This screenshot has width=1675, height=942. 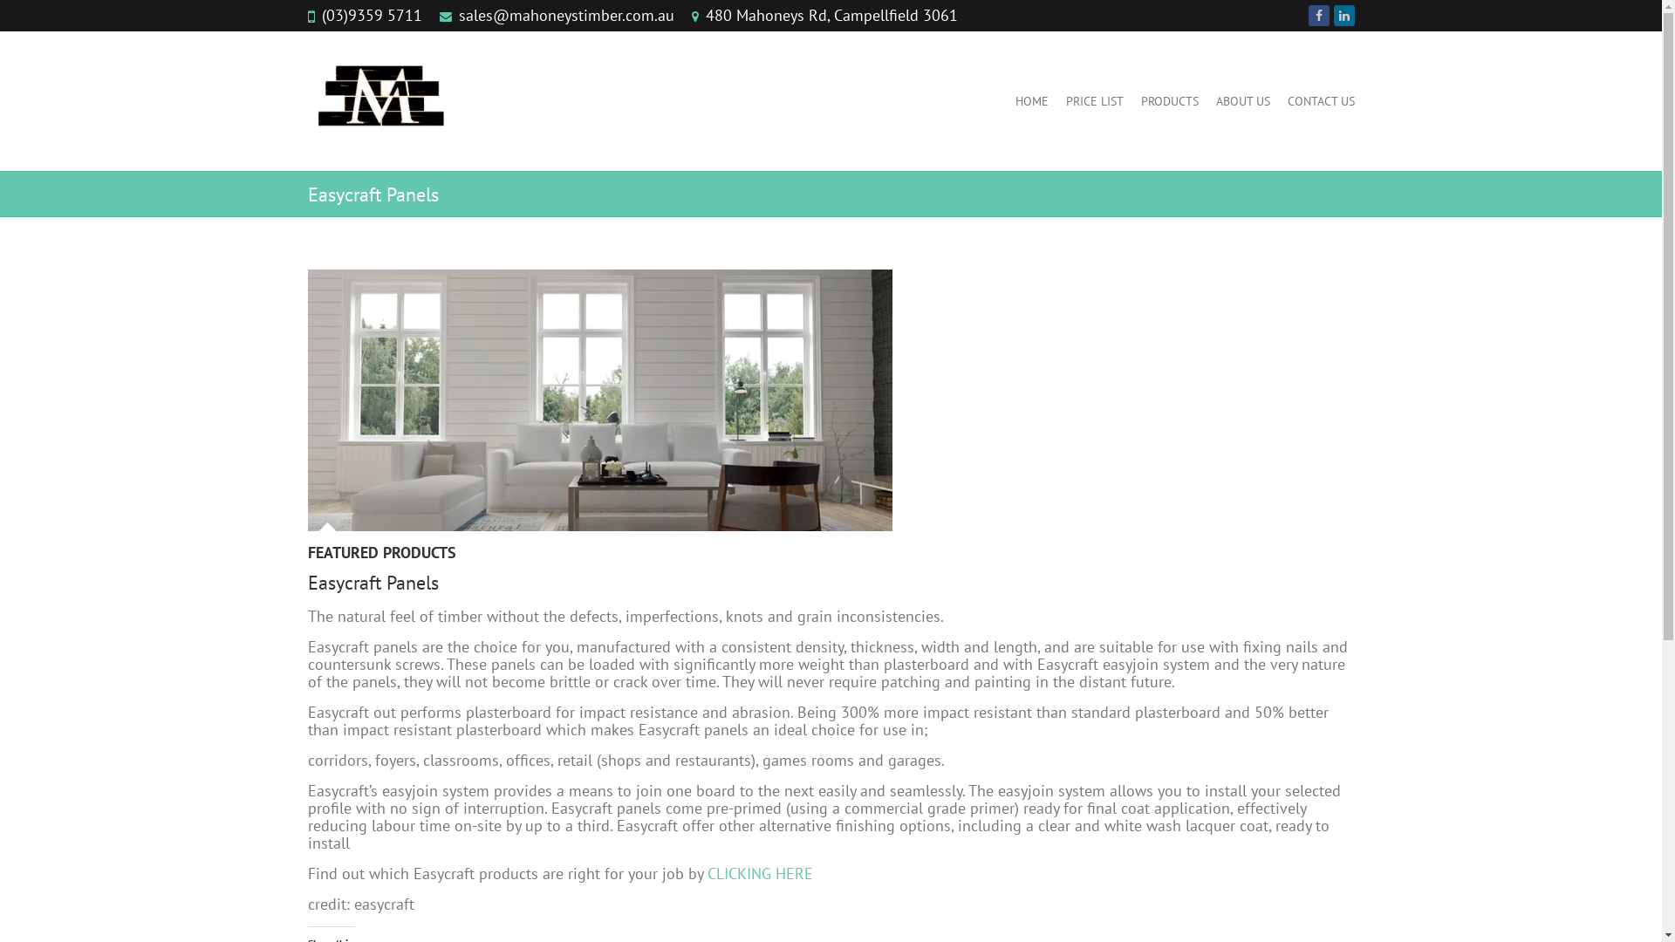 What do you see at coordinates (1169, 100) in the screenshot?
I see `'PRODUCTS'` at bounding box center [1169, 100].